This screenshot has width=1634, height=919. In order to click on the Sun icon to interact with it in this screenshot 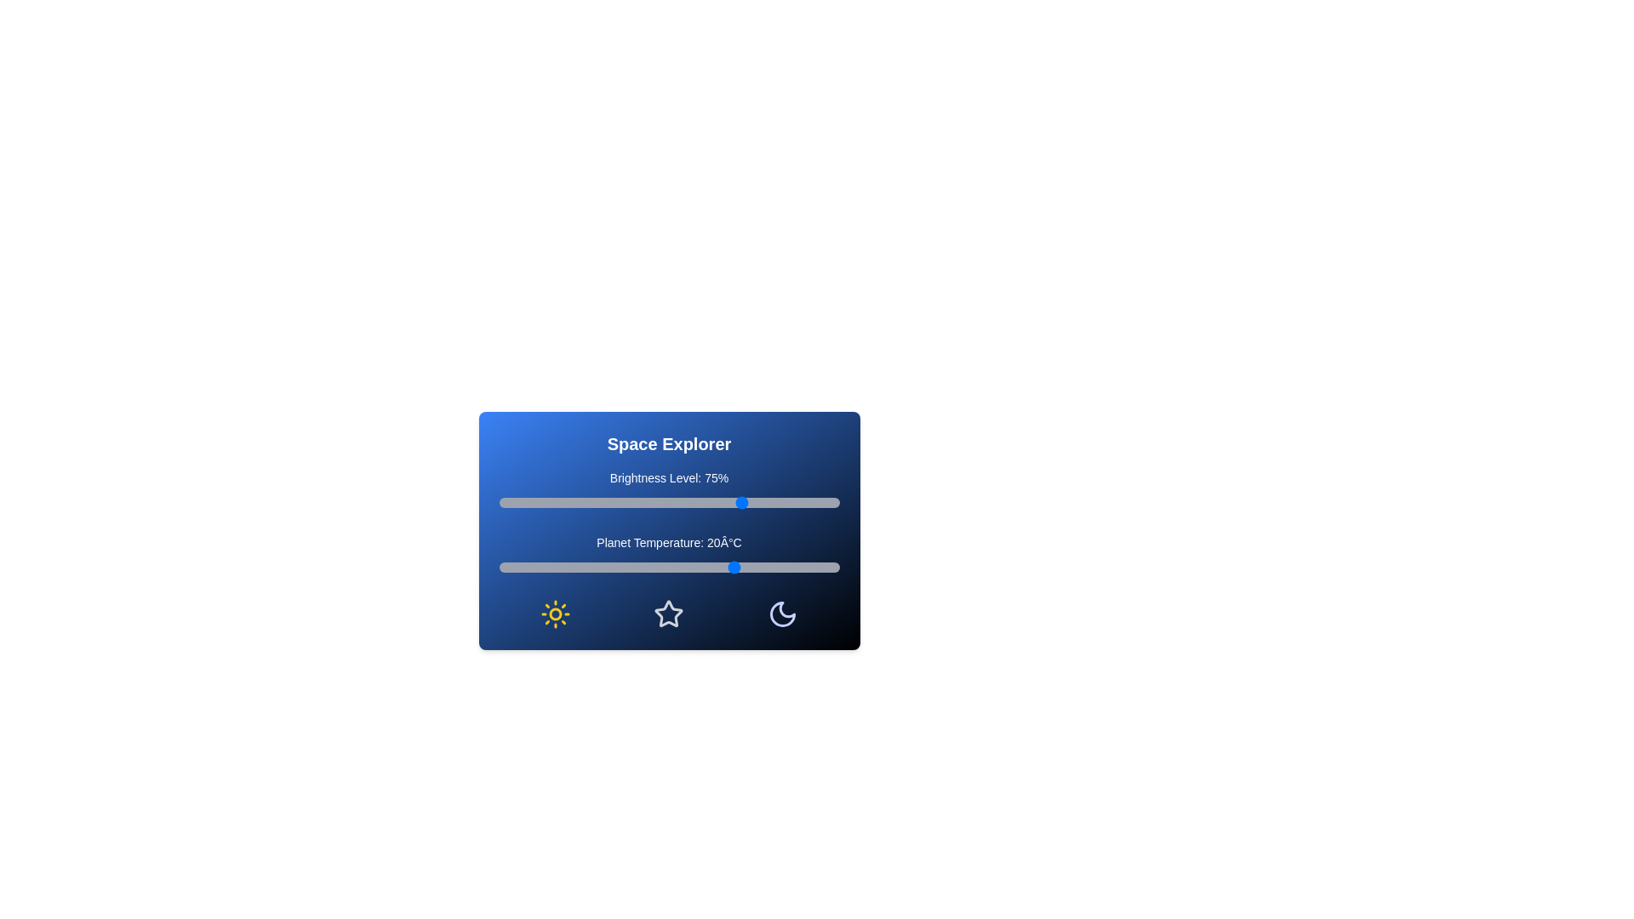, I will do `click(555, 614)`.